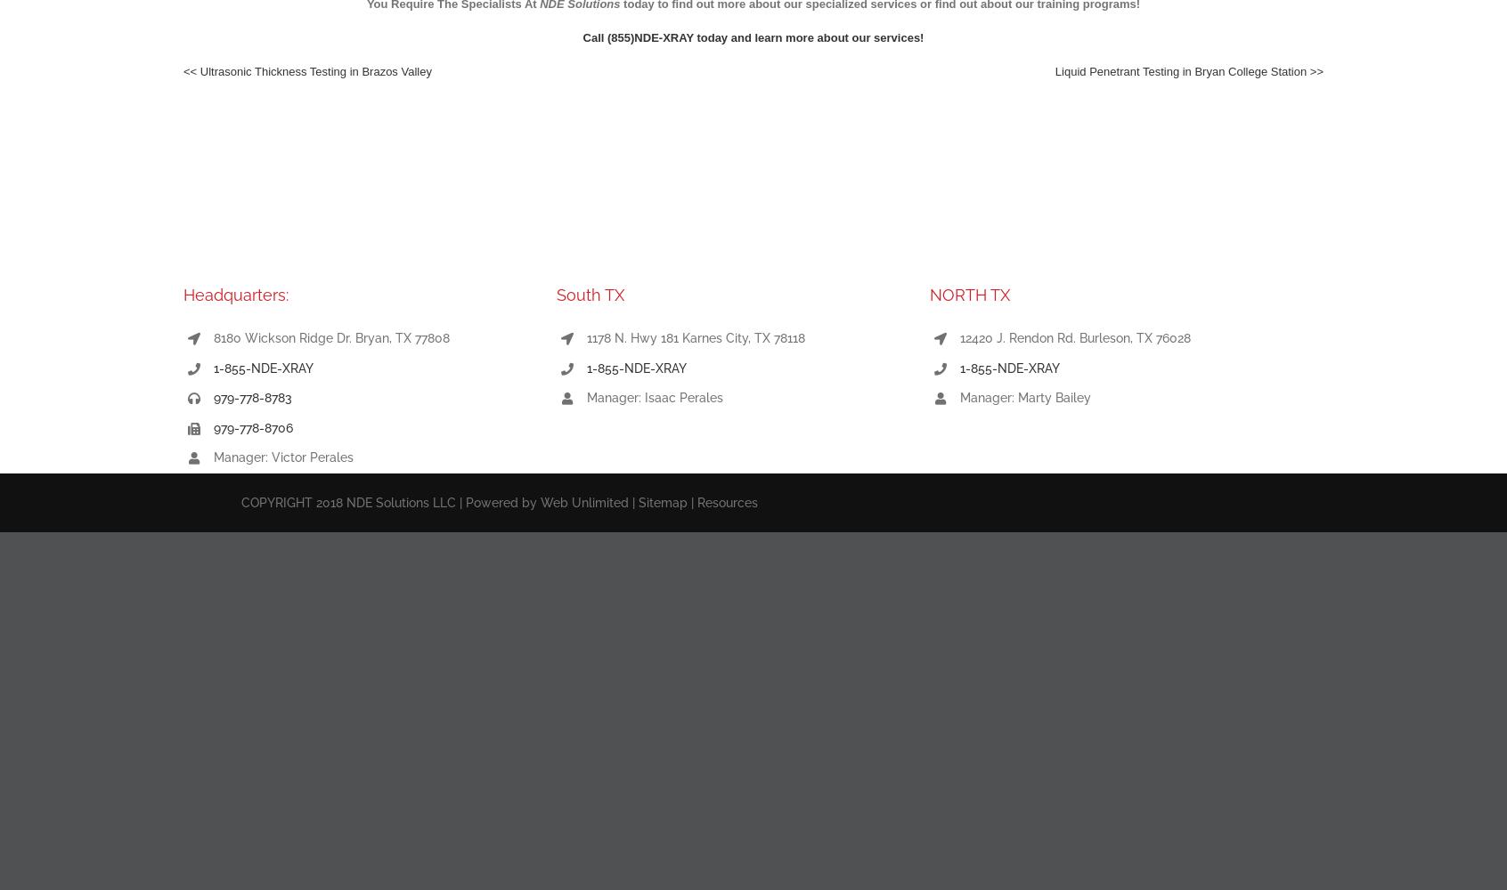 This screenshot has width=1507, height=890. What do you see at coordinates (182, 70) in the screenshot?
I see `'<< Ultrasonic Thickness Testing in Brazos Valley'` at bounding box center [182, 70].